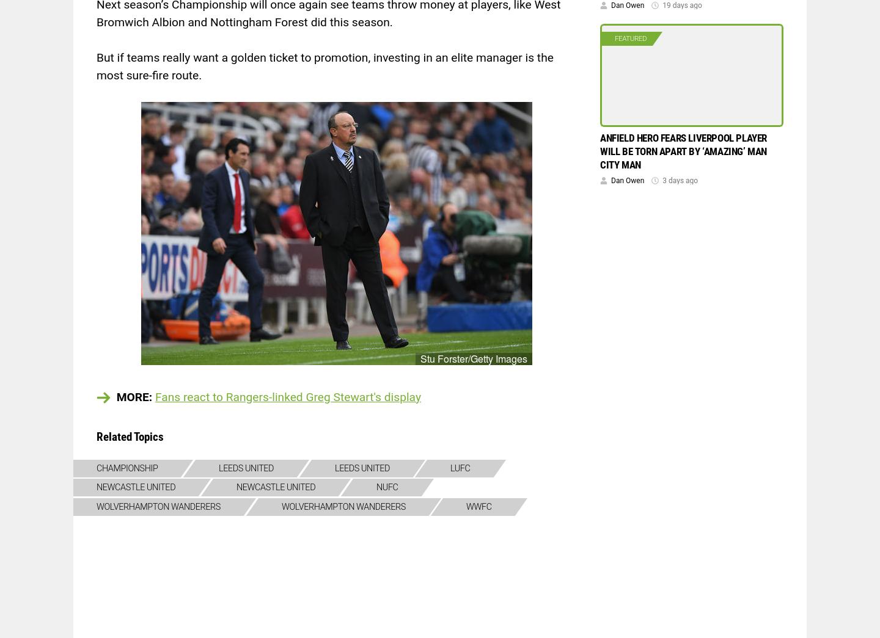 This screenshot has width=880, height=638. I want to click on 'Newcastle United', so click(275, 487).